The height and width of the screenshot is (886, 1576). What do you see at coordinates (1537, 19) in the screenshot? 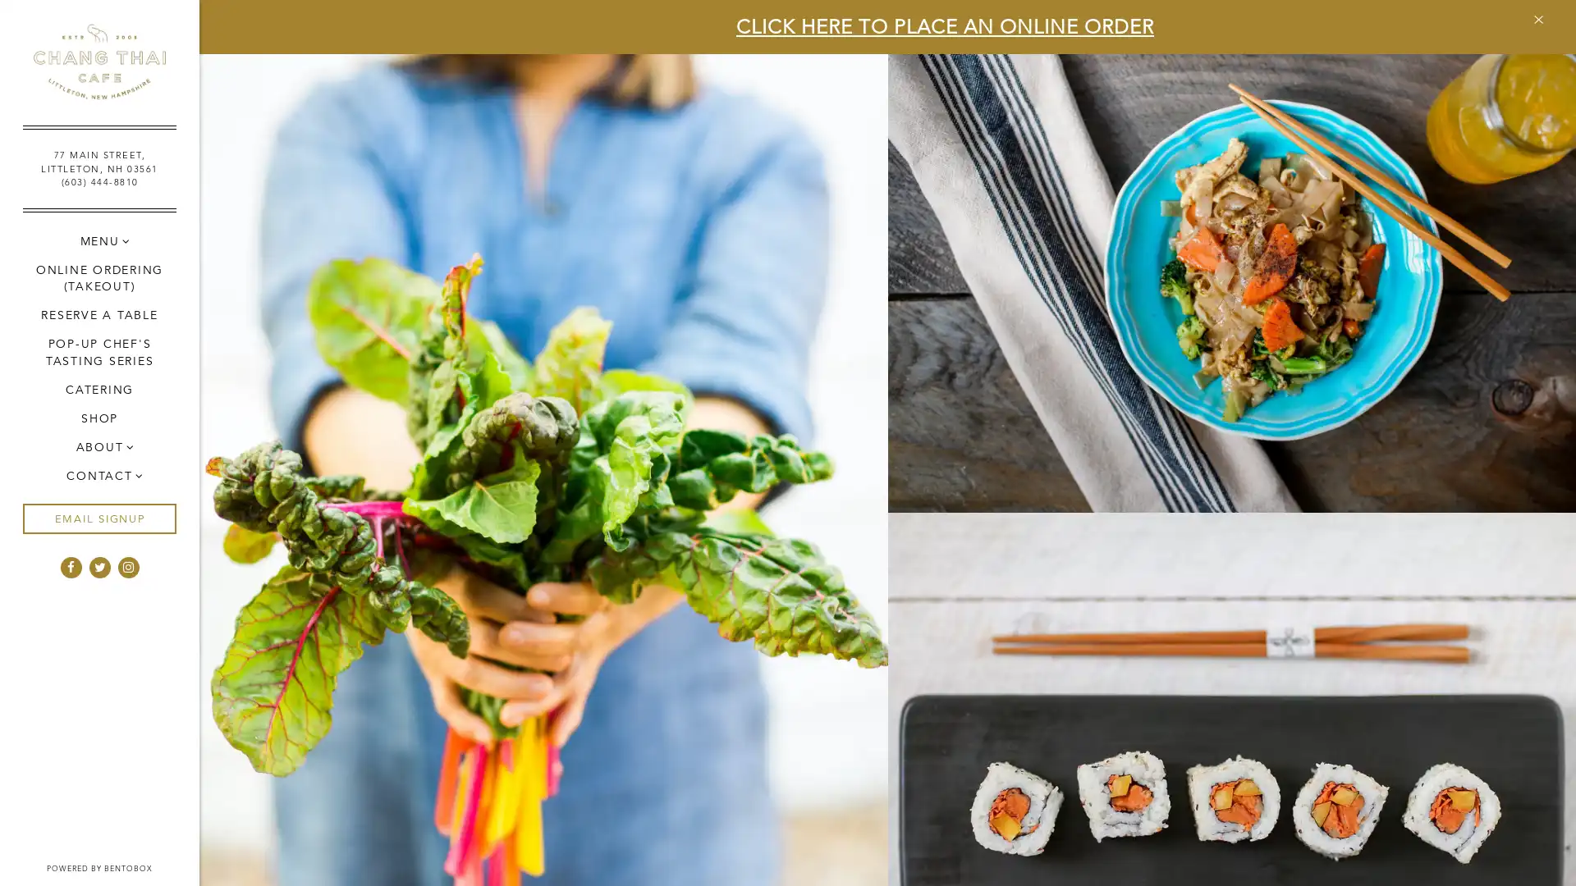
I see `Close` at bounding box center [1537, 19].